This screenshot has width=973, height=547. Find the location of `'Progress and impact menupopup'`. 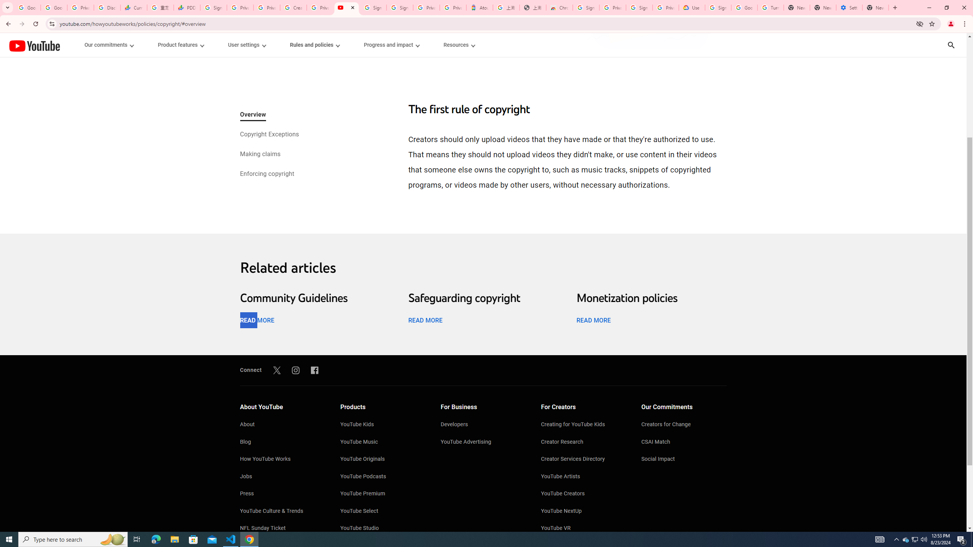

'Progress and impact menupopup' is located at coordinates (391, 45).